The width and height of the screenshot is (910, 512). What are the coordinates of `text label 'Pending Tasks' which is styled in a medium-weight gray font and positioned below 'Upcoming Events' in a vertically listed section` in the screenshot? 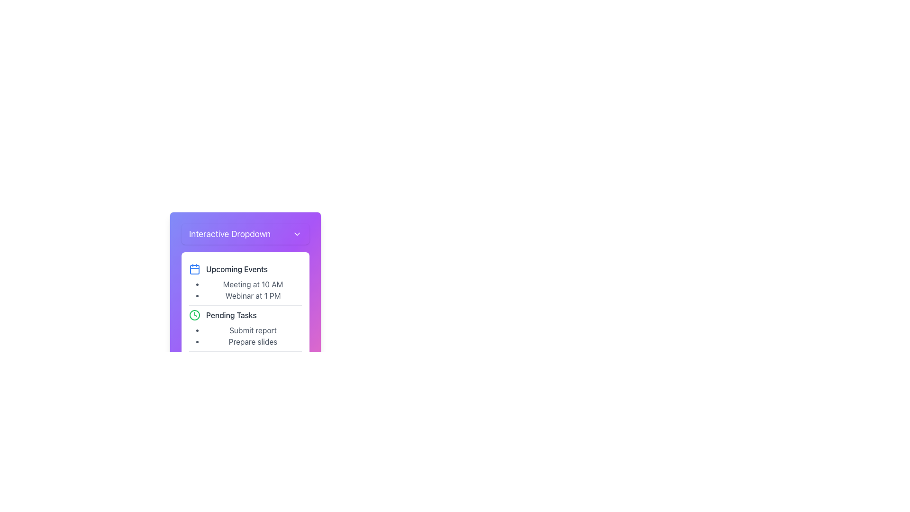 It's located at (231, 315).